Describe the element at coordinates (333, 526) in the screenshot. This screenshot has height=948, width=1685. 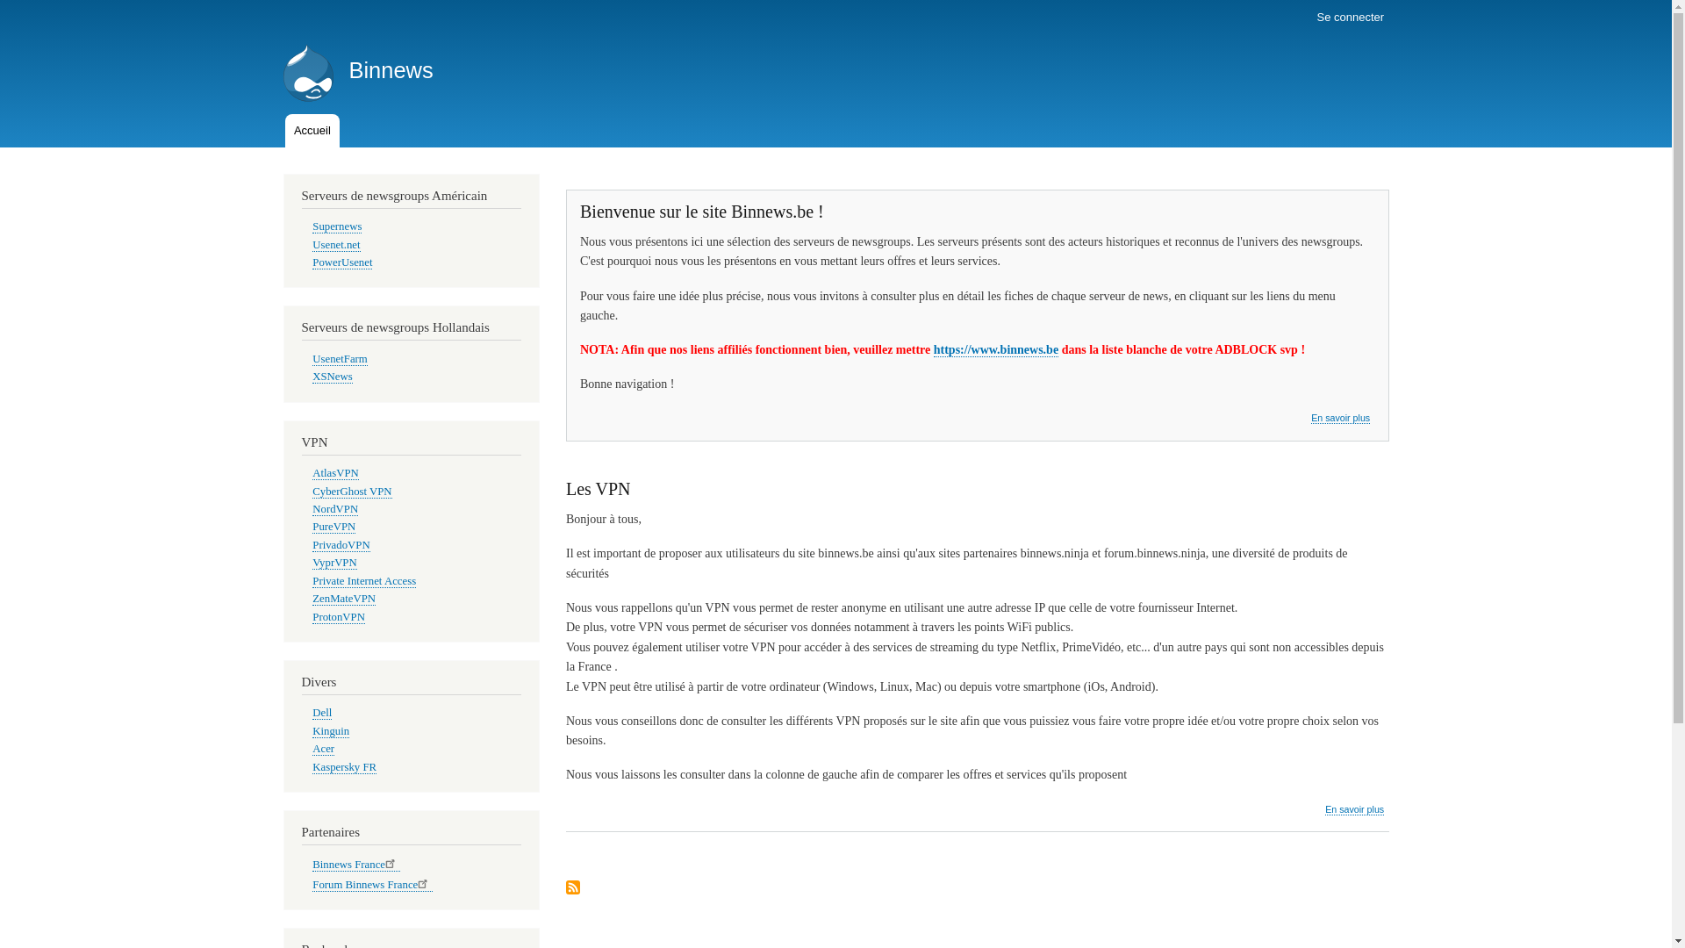
I see `'PureVPN'` at that location.